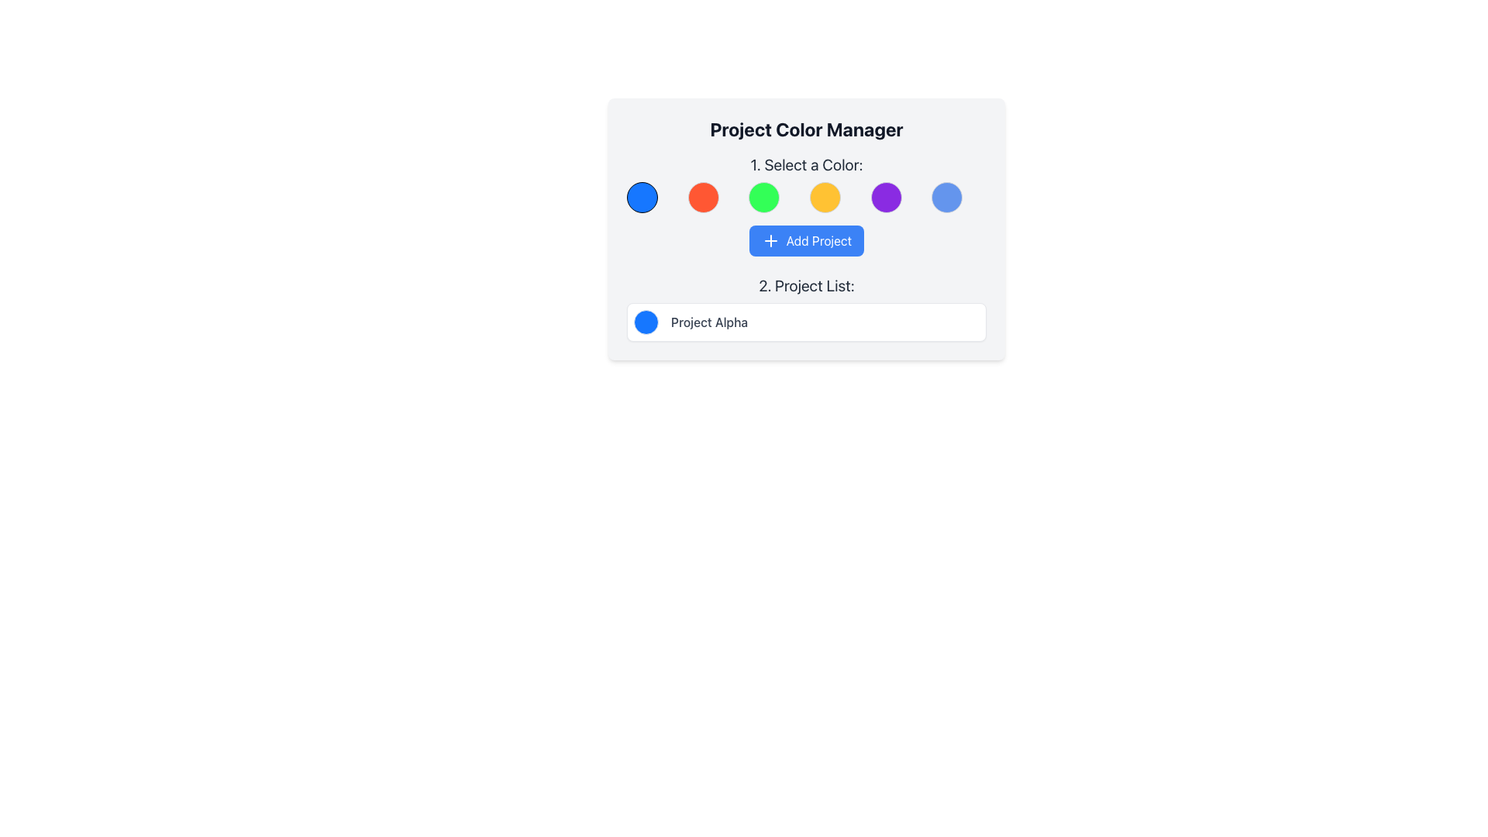 The image size is (1488, 837). What do you see at coordinates (806, 322) in the screenshot?
I see `the list item representing 'Project Alpha' located in the '2. Project List:' section` at bounding box center [806, 322].